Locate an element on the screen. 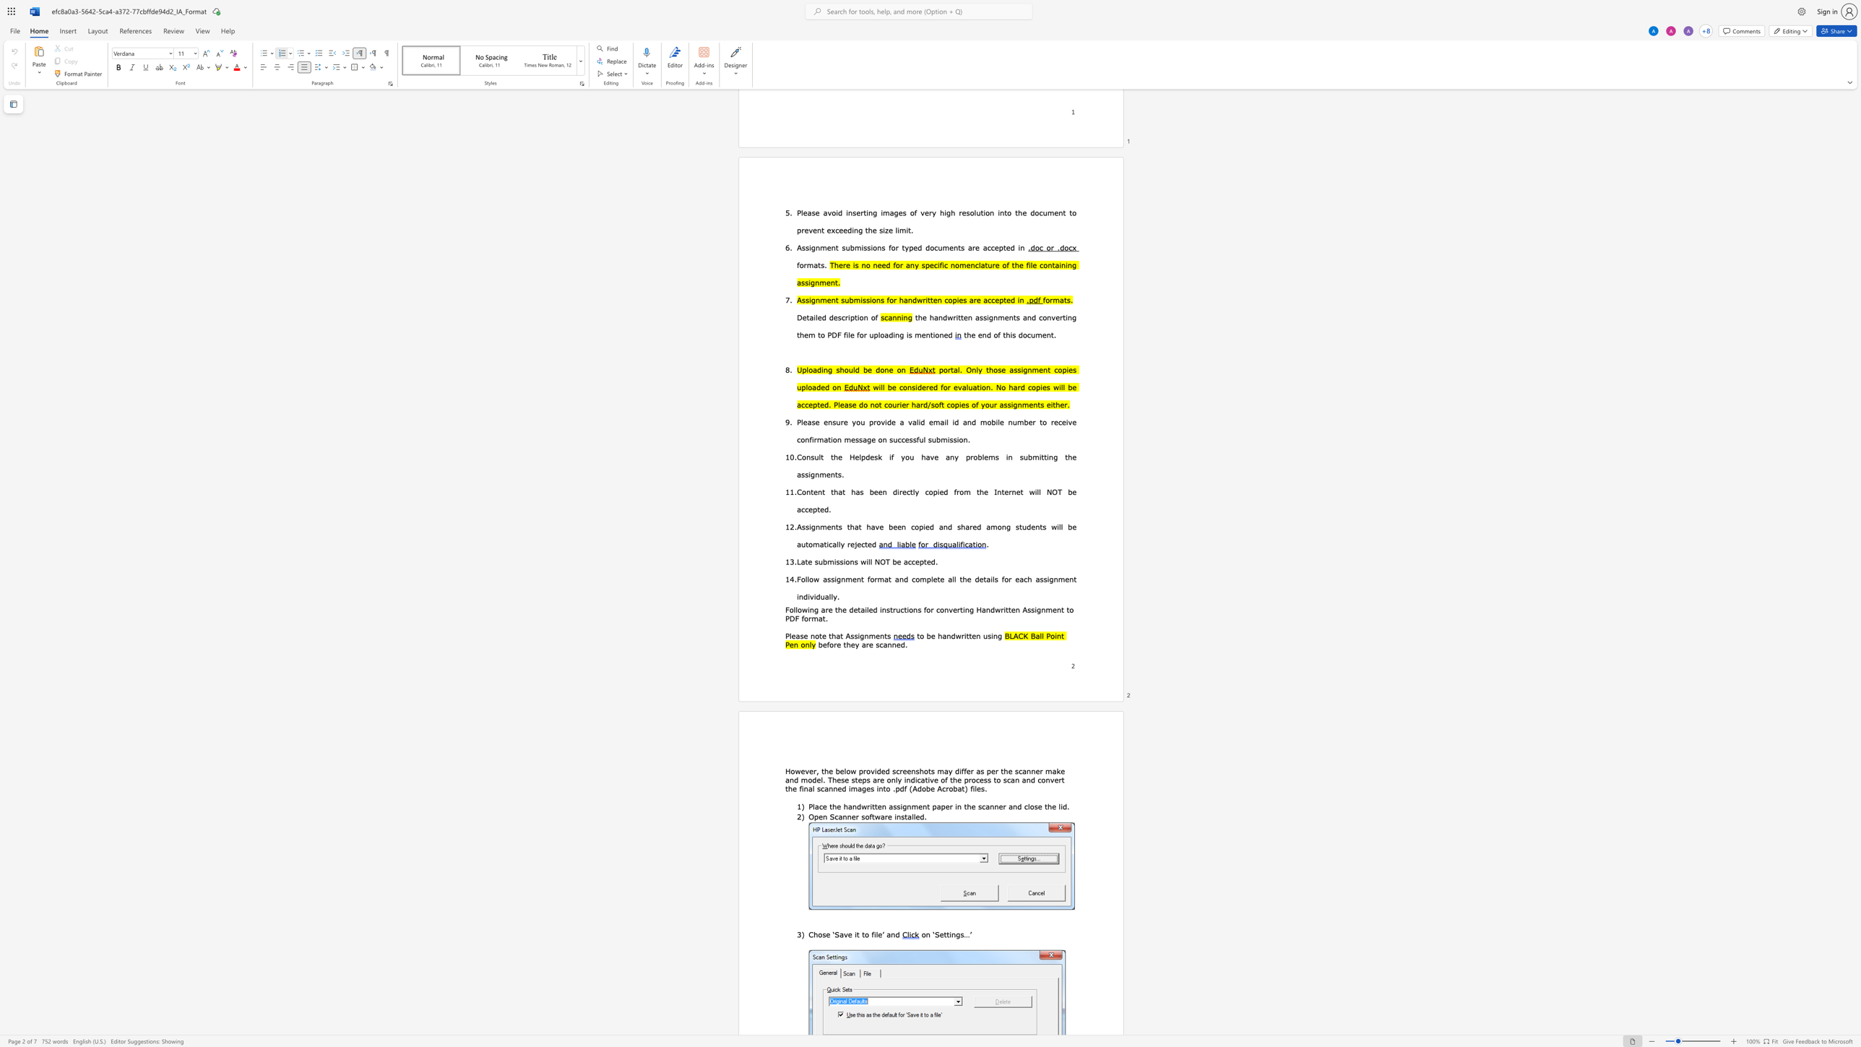 This screenshot has width=1861, height=1047. the space between the continuous character "u" and "c" in the text is located at coordinates (899, 609).